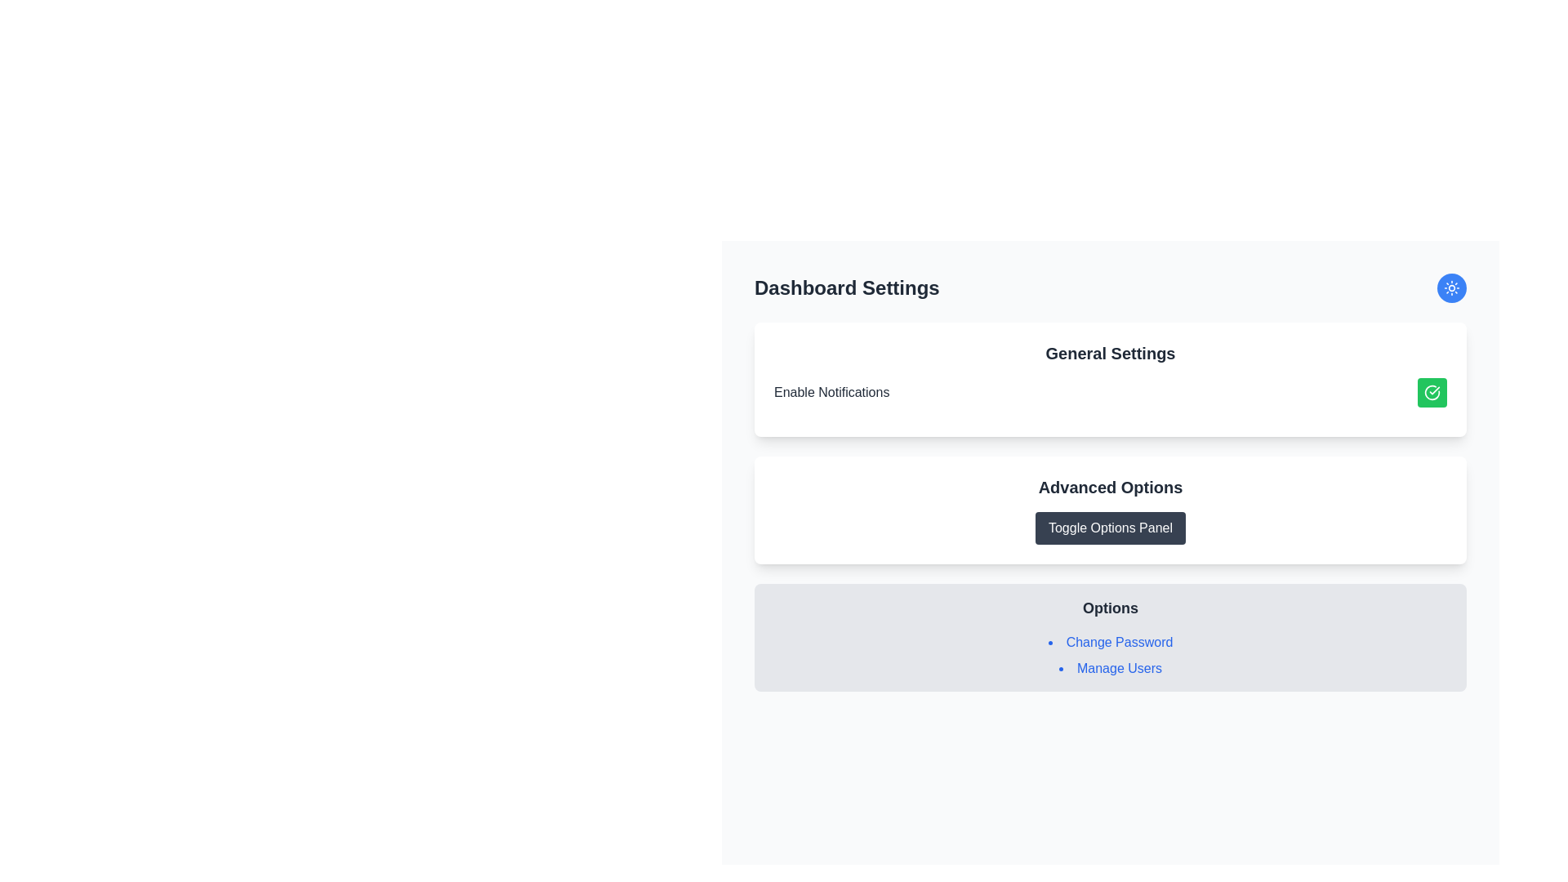 Image resolution: width=1568 pixels, height=882 pixels. What do you see at coordinates (1109, 528) in the screenshot?
I see `the 'Toggle Options Panel' button, which is a rectangular button with a dark gray background and white text, located in the 'Advanced Options' section of the interface` at bounding box center [1109, 528].